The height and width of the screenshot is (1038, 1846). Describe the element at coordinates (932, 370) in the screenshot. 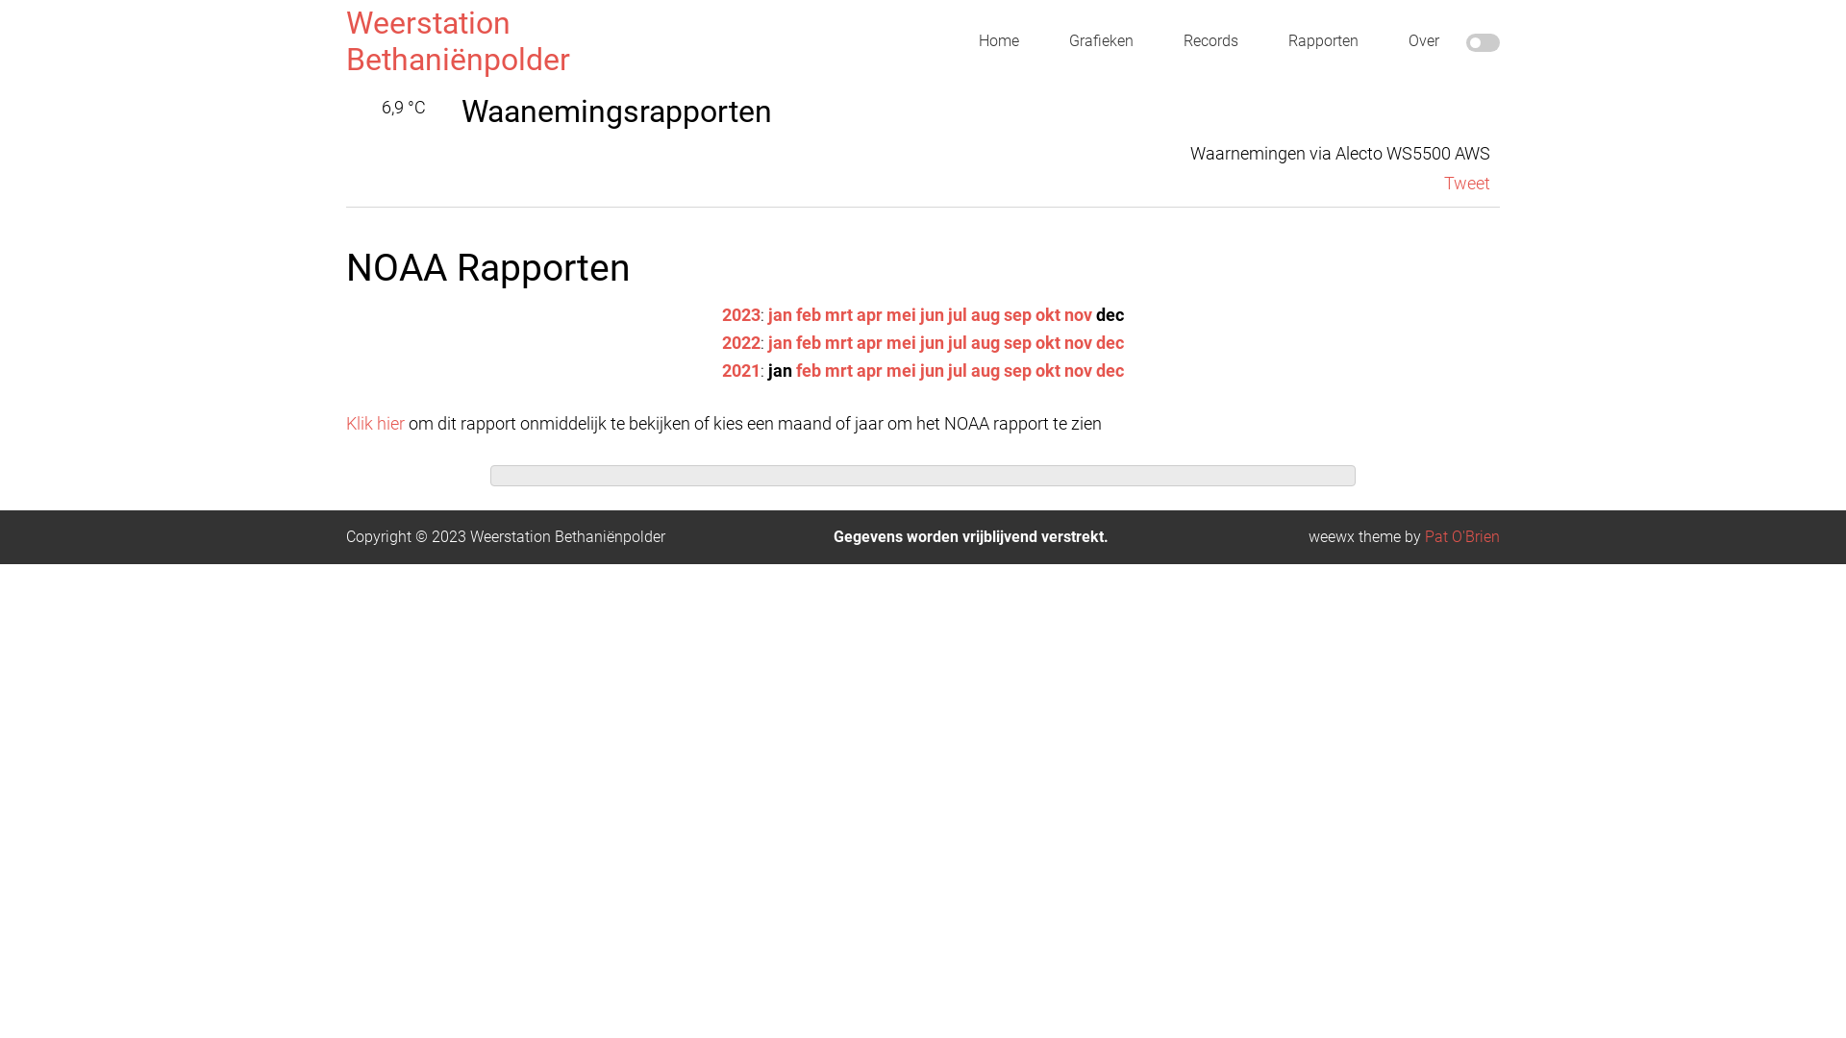

I see `'jun'` at that location.